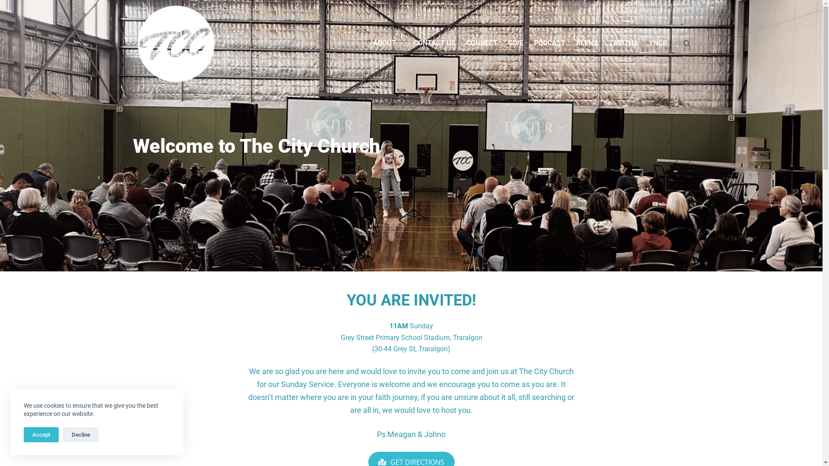 The width and height of the screenshot is (829, 466). I want to click on 'YNGR.', so click(643, 43).